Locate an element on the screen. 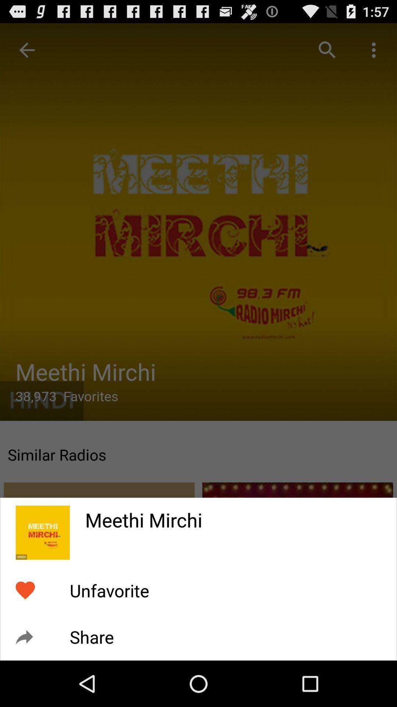  the item below unfavorite is located at coordinates (91, 637).